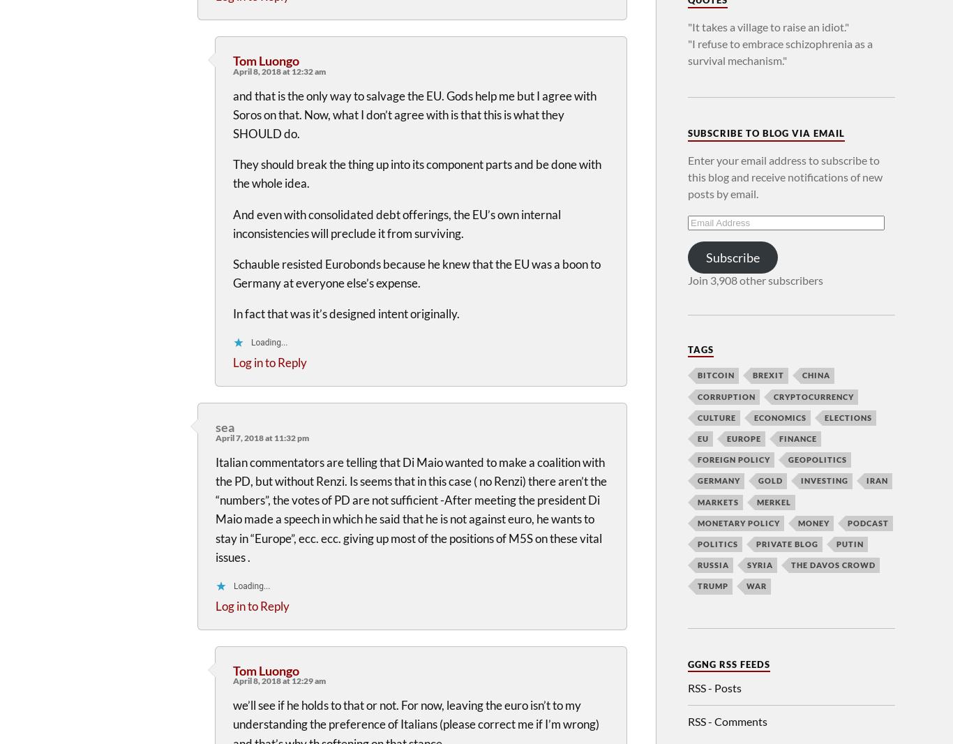 The height and width of the screenshot is (744, 953). What do you see at coordinates (754, 279) in the screenshot?
I see `'Join 3,908 other subscribers'` at bounding box center [754, 279].